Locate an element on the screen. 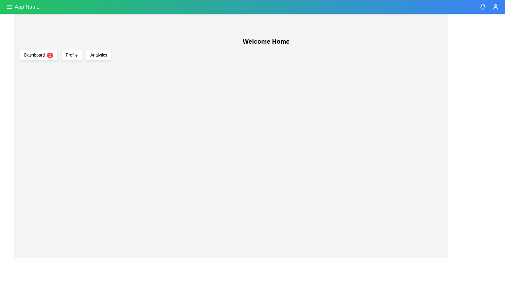 The width and height of the screenshot is (505, 284). the badge displaying a numeric count next to the 'Dashboard' label is located at coordinates (50, 55).